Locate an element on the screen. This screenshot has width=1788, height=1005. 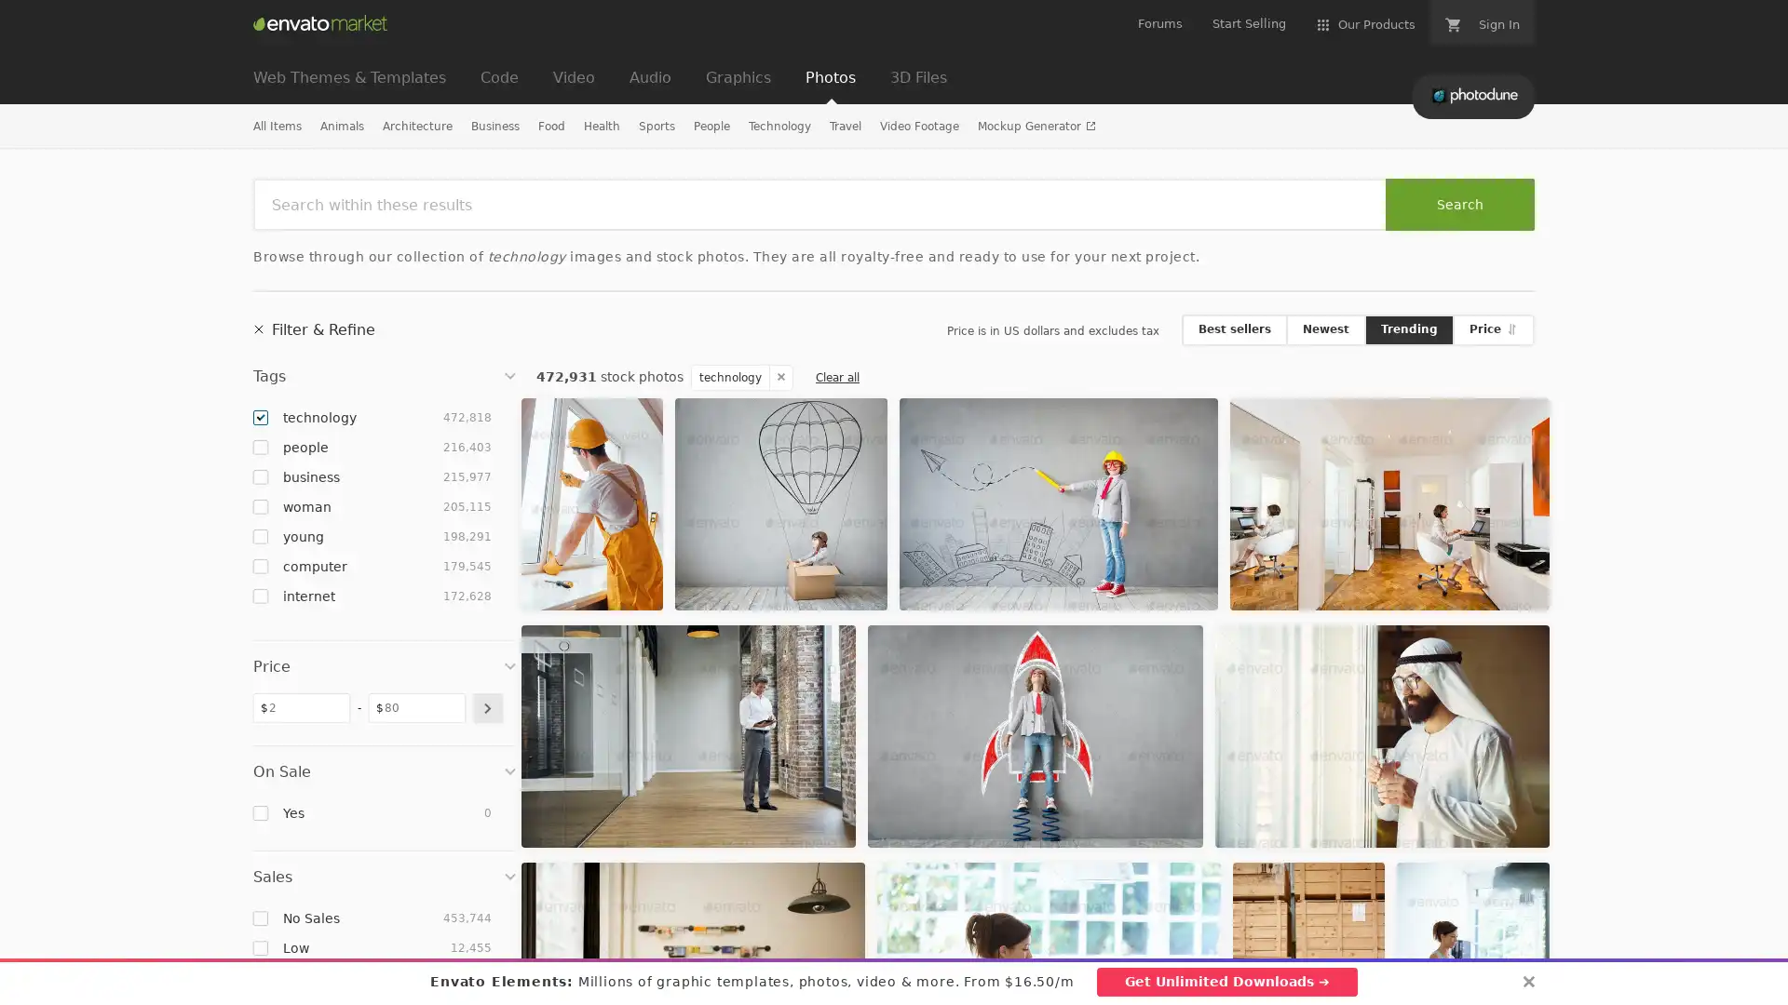
Add to Favorites is located at coordinates (1193, 421).